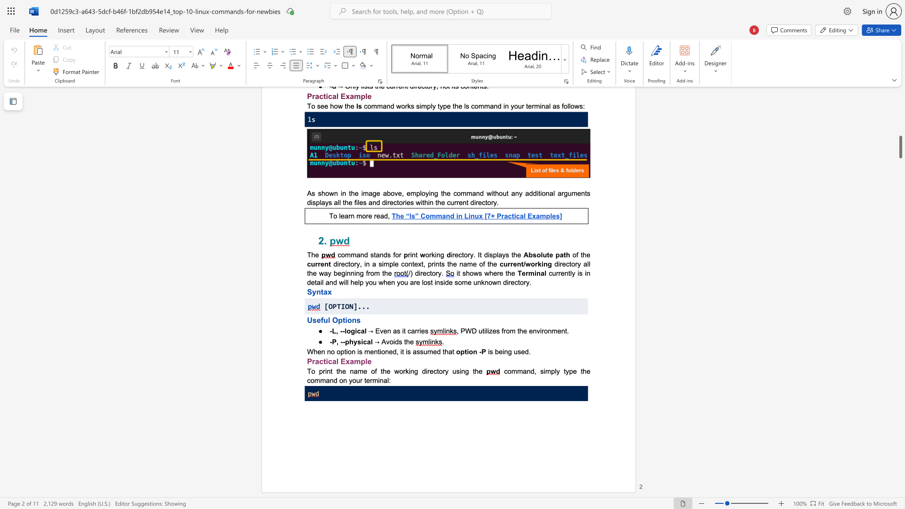 Image resolution: width=905 pixels, height=509 pixels. What do you see at coordinates (383, 330) in the screenshot?
I see `the subset text "en as" within the text "→ Even as it carries"` at bounding box center [383, 330].